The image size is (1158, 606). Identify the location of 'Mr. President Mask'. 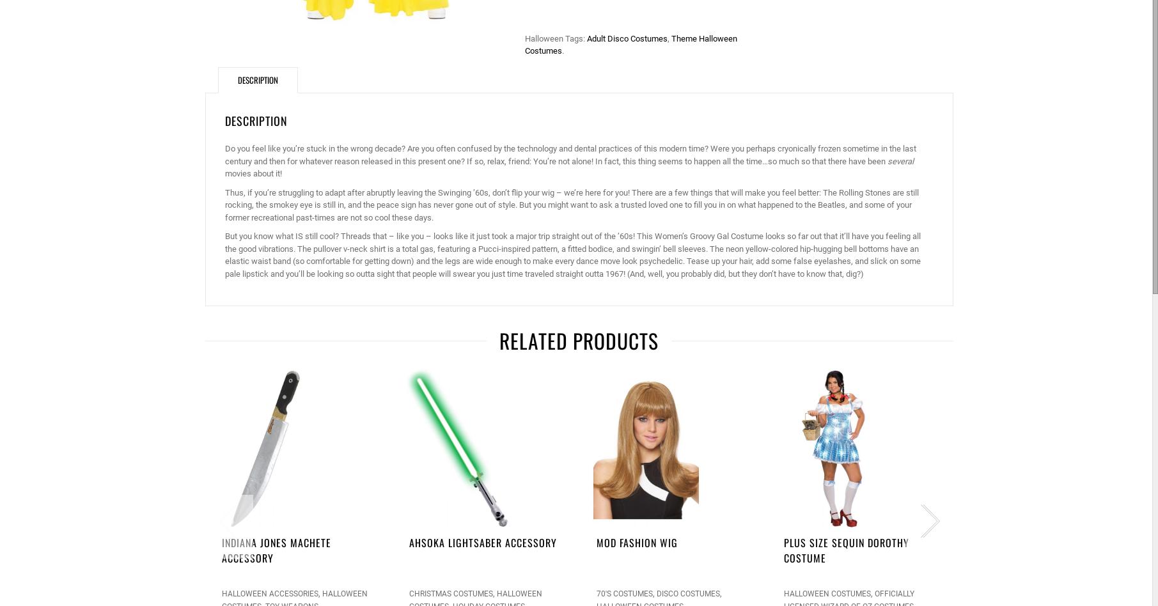
(1017, 542).